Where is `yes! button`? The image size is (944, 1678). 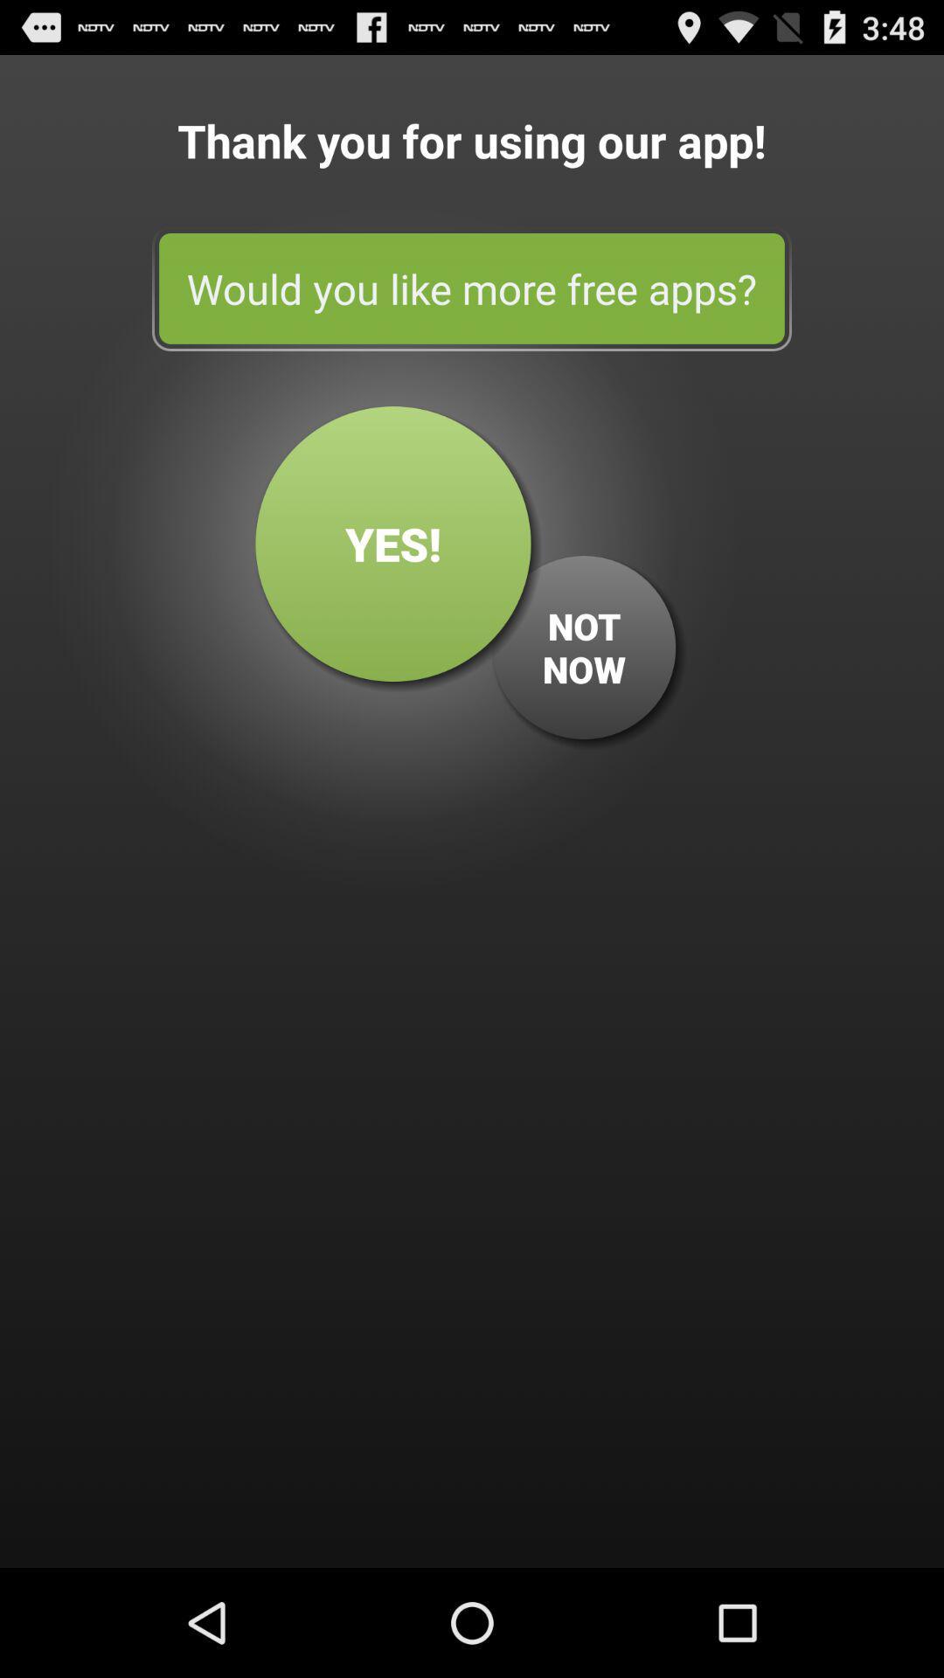
yes! button is located at coordinates (393, 543).